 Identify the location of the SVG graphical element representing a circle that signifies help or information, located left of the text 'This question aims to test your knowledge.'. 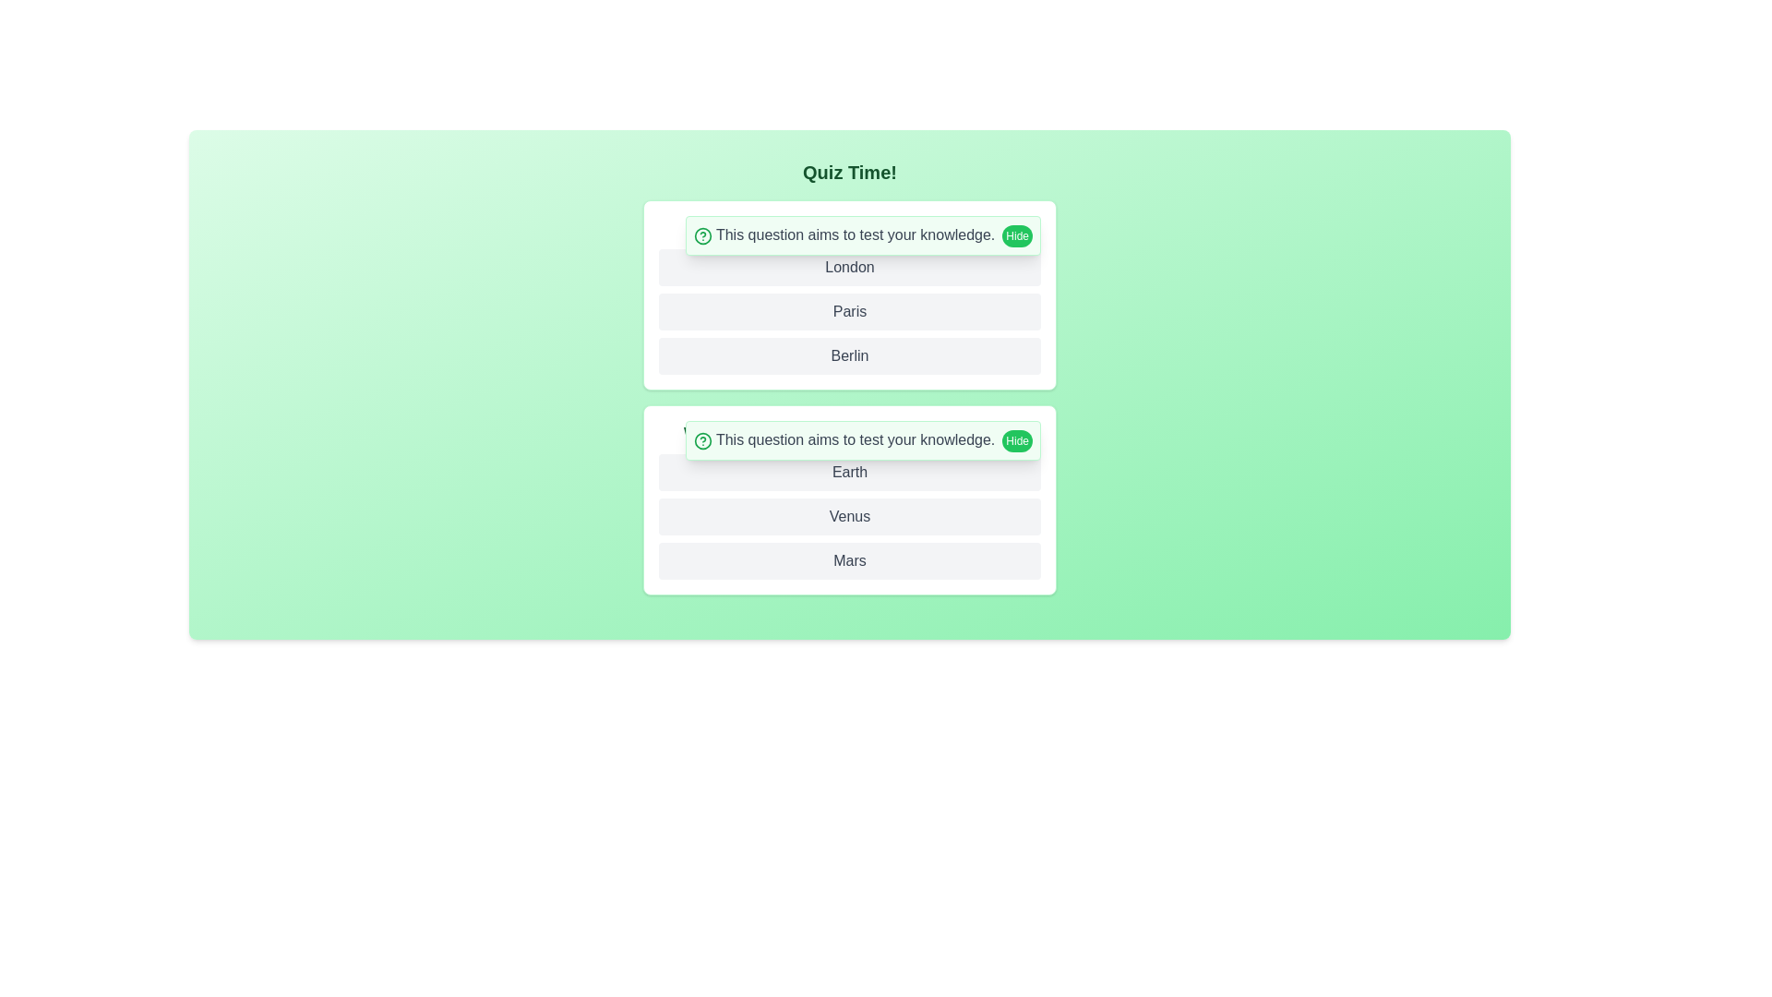
(701, 234).